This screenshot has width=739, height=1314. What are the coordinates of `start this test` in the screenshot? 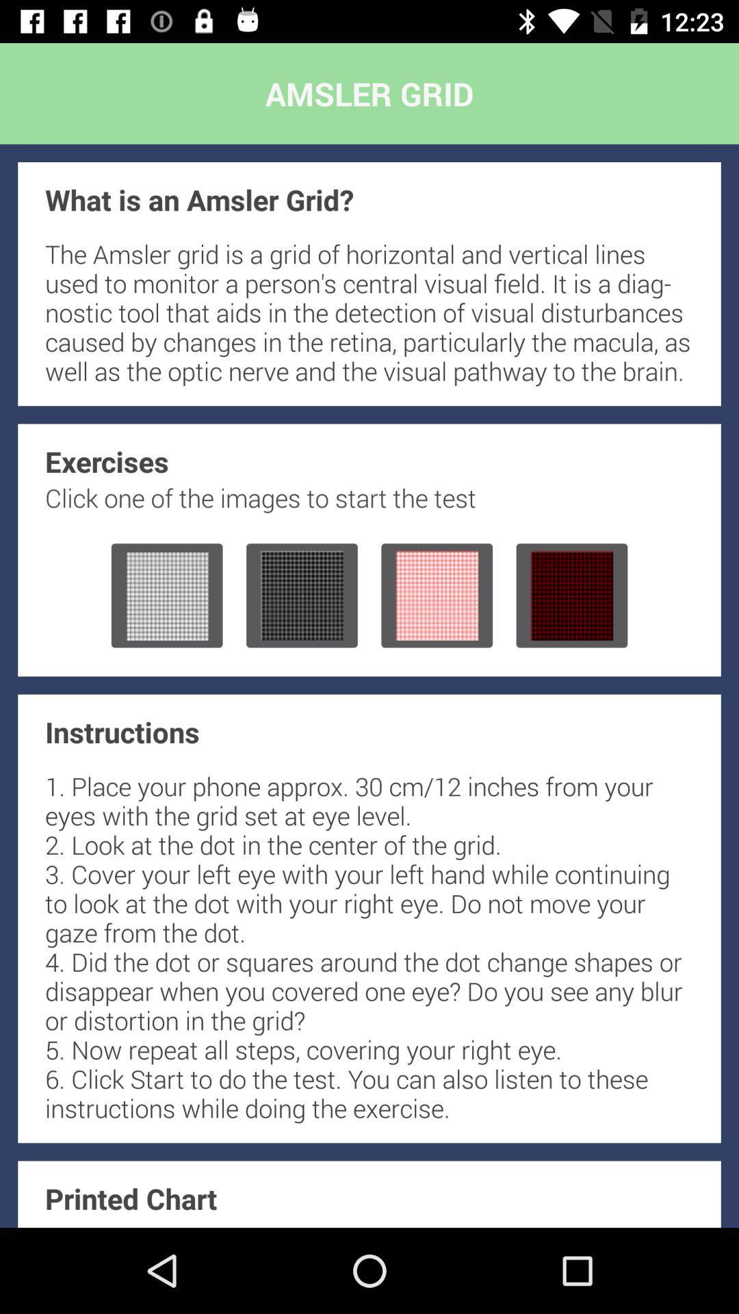 It's located at (437, 595).